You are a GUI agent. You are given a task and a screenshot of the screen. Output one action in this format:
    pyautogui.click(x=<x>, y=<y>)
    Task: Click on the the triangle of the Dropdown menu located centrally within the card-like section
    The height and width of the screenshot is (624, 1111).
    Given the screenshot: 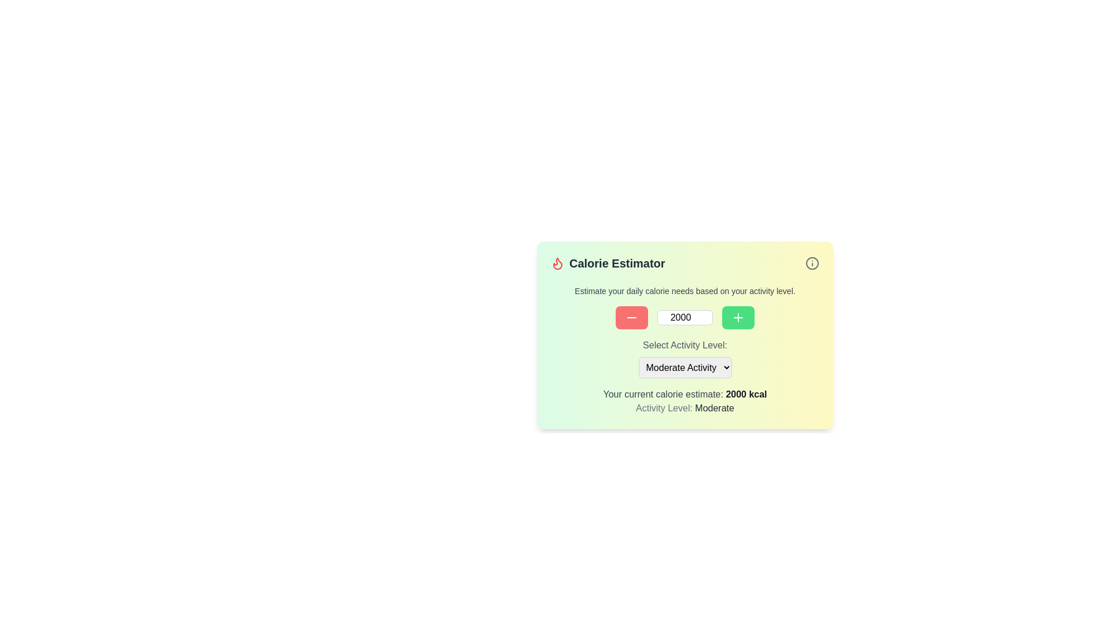 What is the action you would take?
    pyautogui.click(x=685, y=358)
    